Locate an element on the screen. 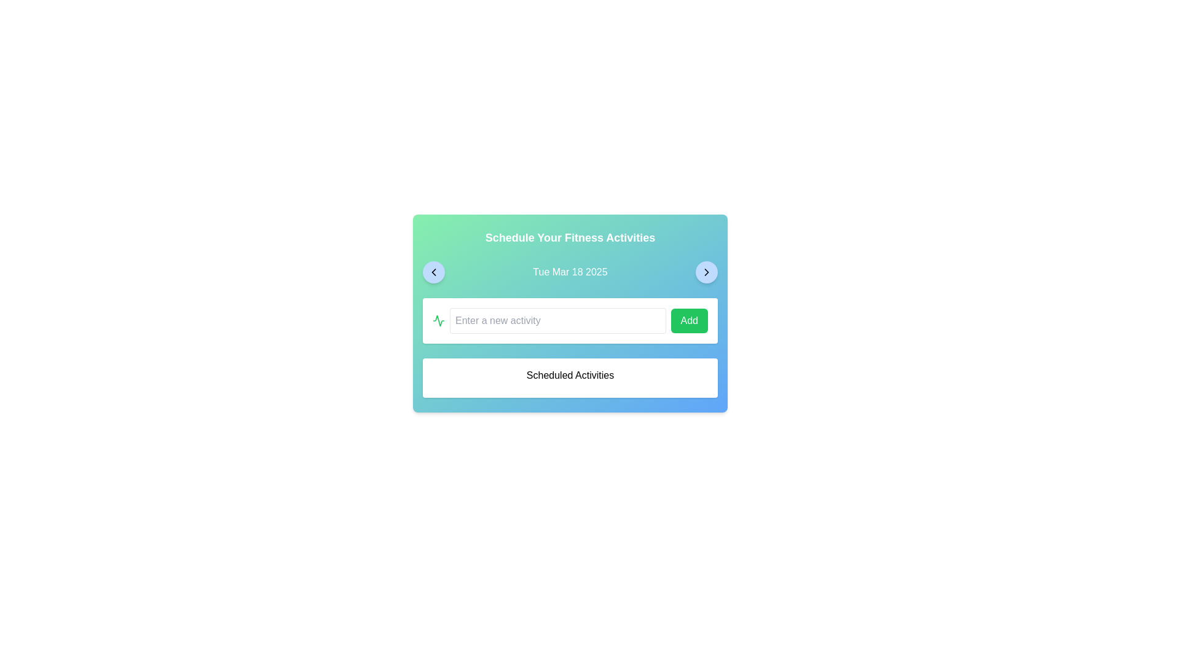 Image resolution: width=1180 pixels, height=664 pixels. the chevron icon located within the blue circular button at the top-right corner of the card interface is located at coordinates (707, 272).